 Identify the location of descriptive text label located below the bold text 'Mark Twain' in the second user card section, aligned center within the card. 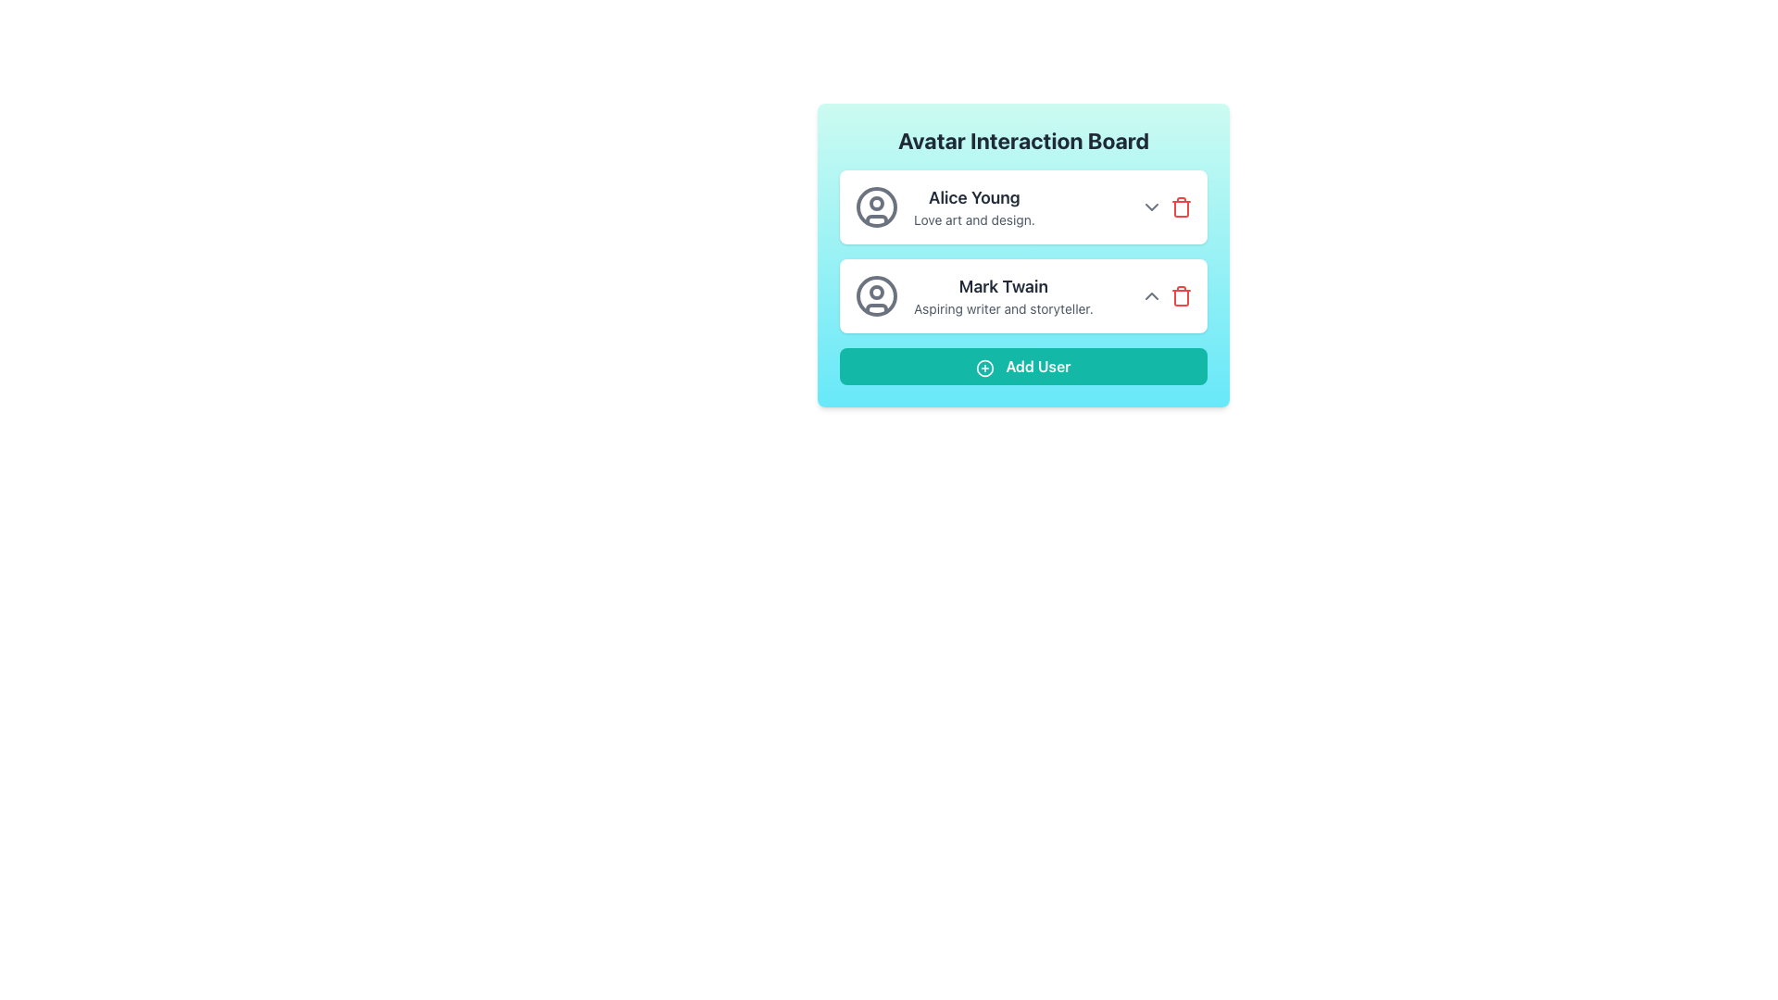
(1002, 308).